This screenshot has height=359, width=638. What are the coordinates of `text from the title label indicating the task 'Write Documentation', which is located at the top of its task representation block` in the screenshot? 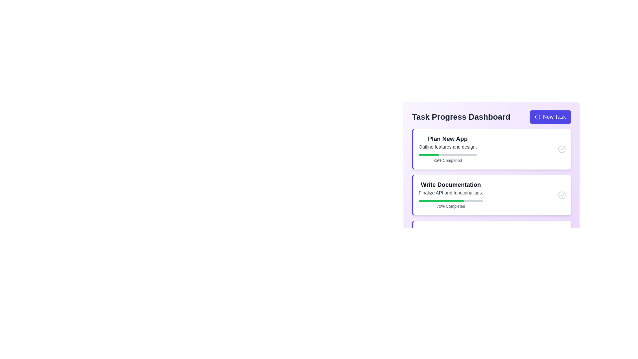 It's located at (451, 184).